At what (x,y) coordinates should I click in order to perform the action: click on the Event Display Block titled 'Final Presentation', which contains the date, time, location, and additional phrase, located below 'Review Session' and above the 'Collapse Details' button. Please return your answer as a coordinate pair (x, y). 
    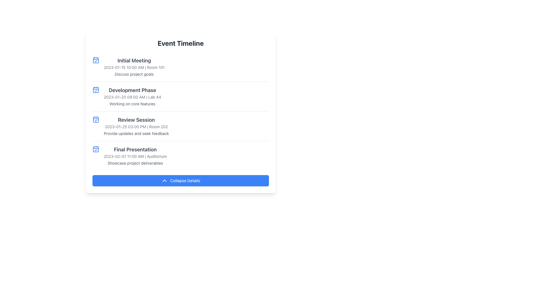
    Looking at the image, I should click on (180, 156).